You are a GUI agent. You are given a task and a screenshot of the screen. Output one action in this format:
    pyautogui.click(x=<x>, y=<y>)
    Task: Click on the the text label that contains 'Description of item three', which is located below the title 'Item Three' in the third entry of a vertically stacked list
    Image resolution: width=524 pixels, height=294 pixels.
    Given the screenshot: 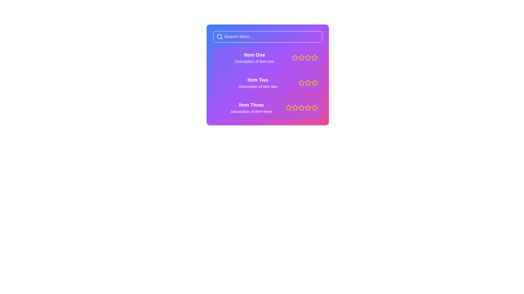 What is the action you would take?
    pyautogui.click(x=251, y=111)
    